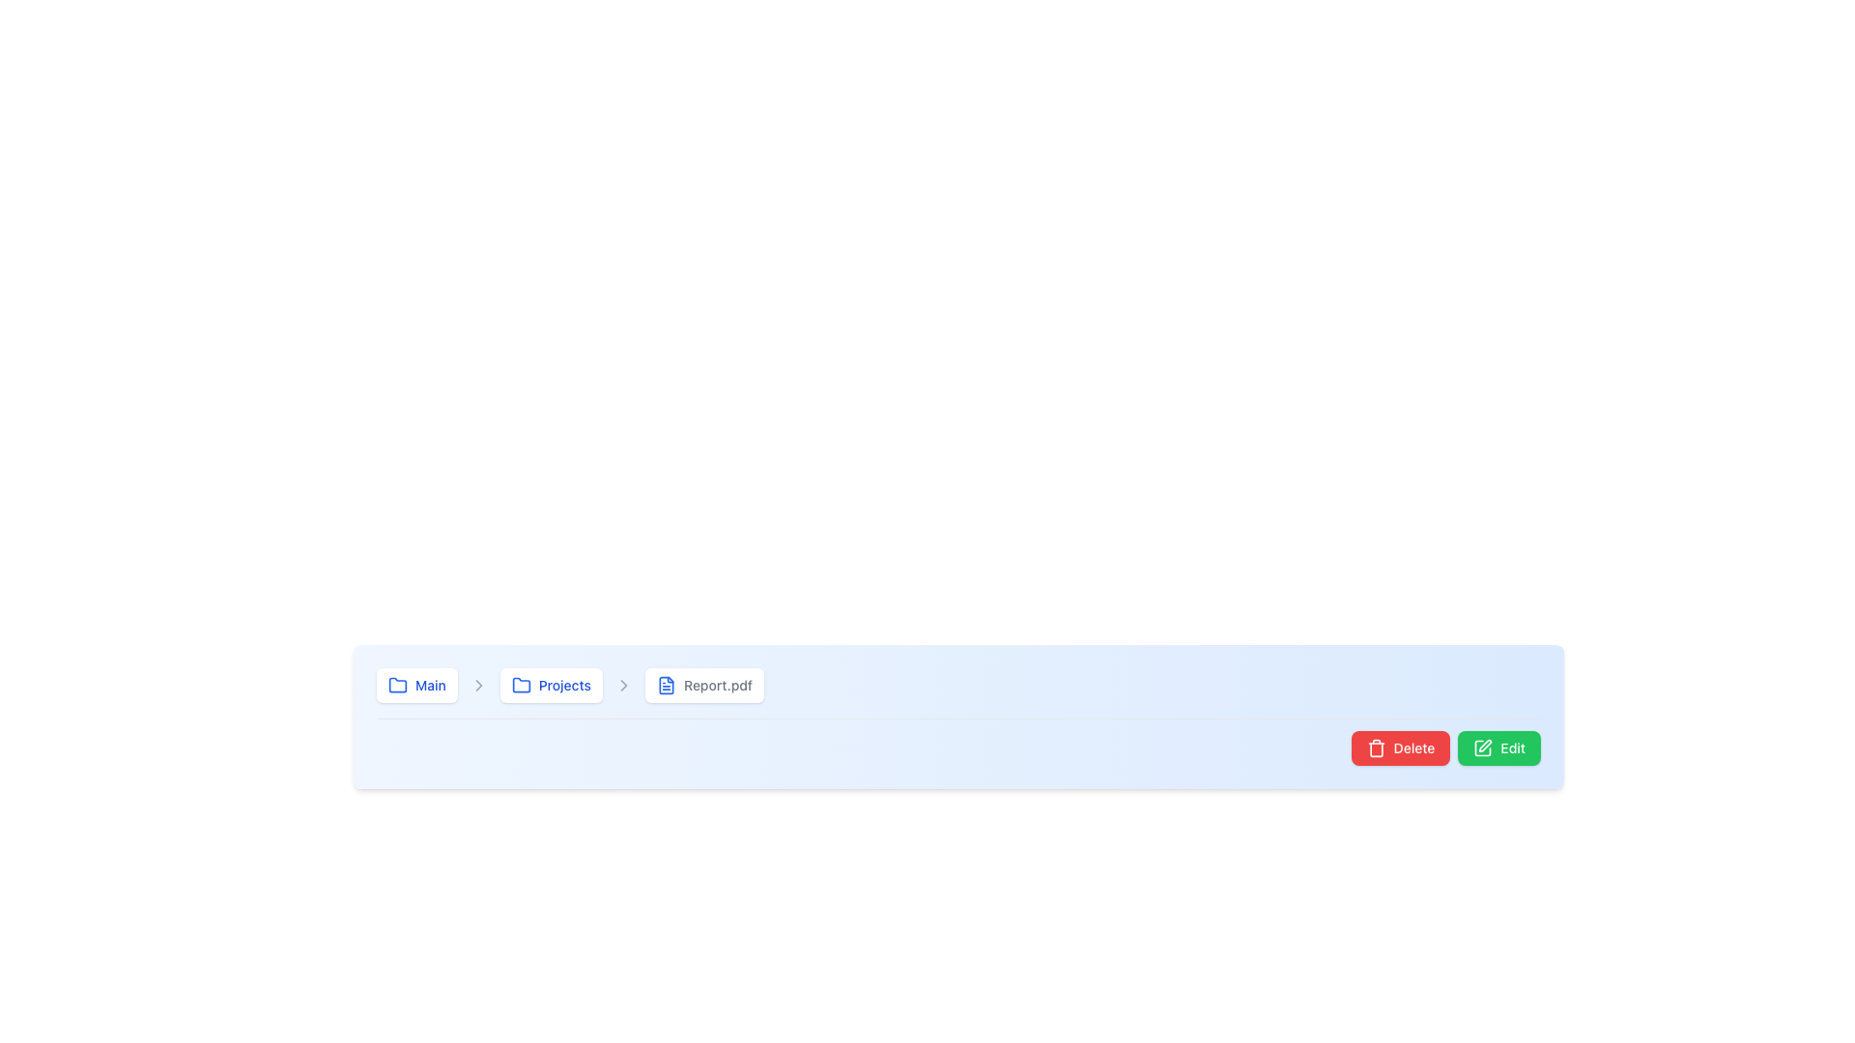 The image size is (1855, 1043). I want to click on the blue document icon located to the left of the 'Report.pdf' text in the breadcrumb navigation bar, so click(667, 684).